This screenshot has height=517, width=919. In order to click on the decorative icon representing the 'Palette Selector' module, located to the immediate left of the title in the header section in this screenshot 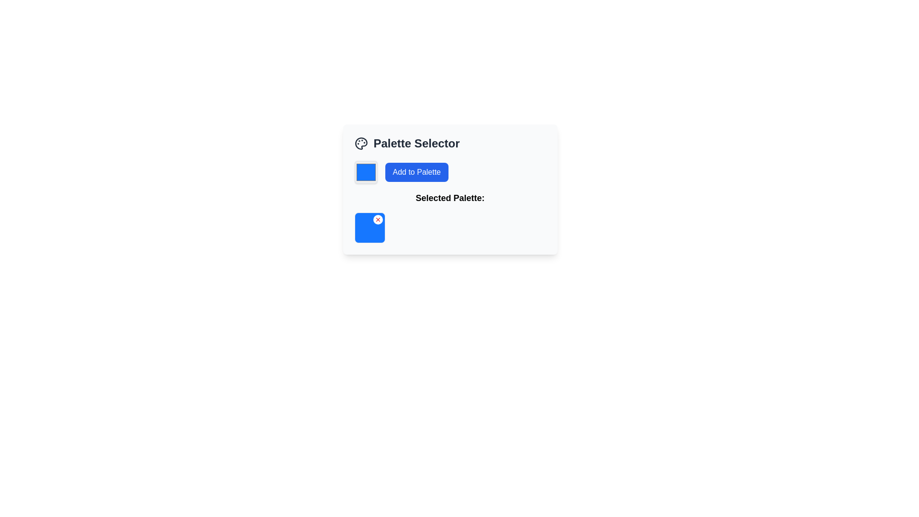, I will do `click(360, 144)`.